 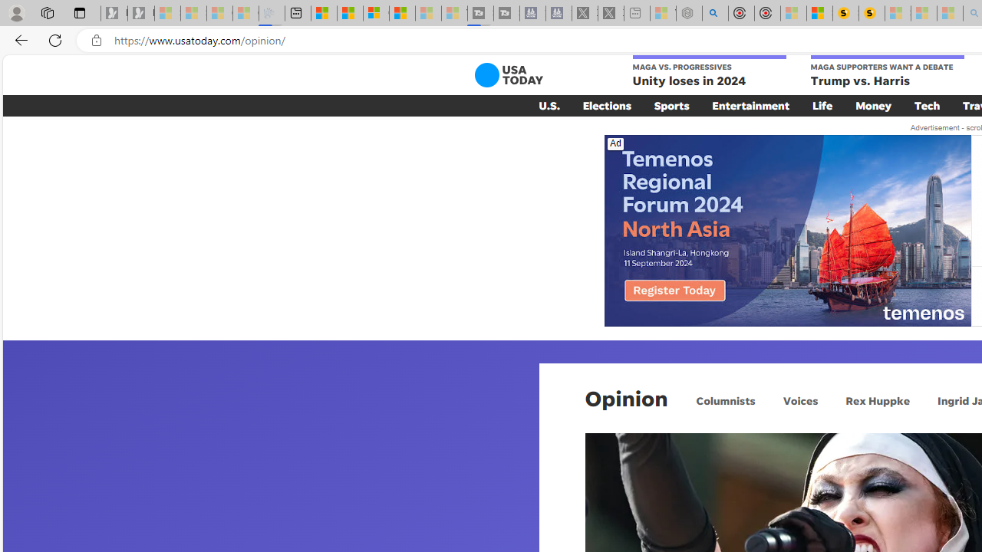 I want to click on 'U.S.', so click(x=549, y=104).